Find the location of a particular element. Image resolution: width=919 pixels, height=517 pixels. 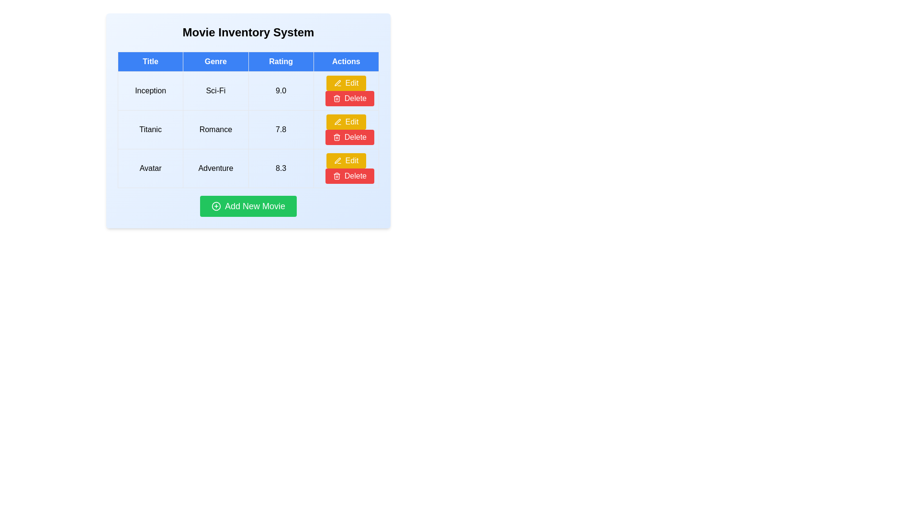

the Table Header that labels the column for movie genres, which is the second header in a row between 'Title' and 'Rating' is located at coordinates (215, 61).